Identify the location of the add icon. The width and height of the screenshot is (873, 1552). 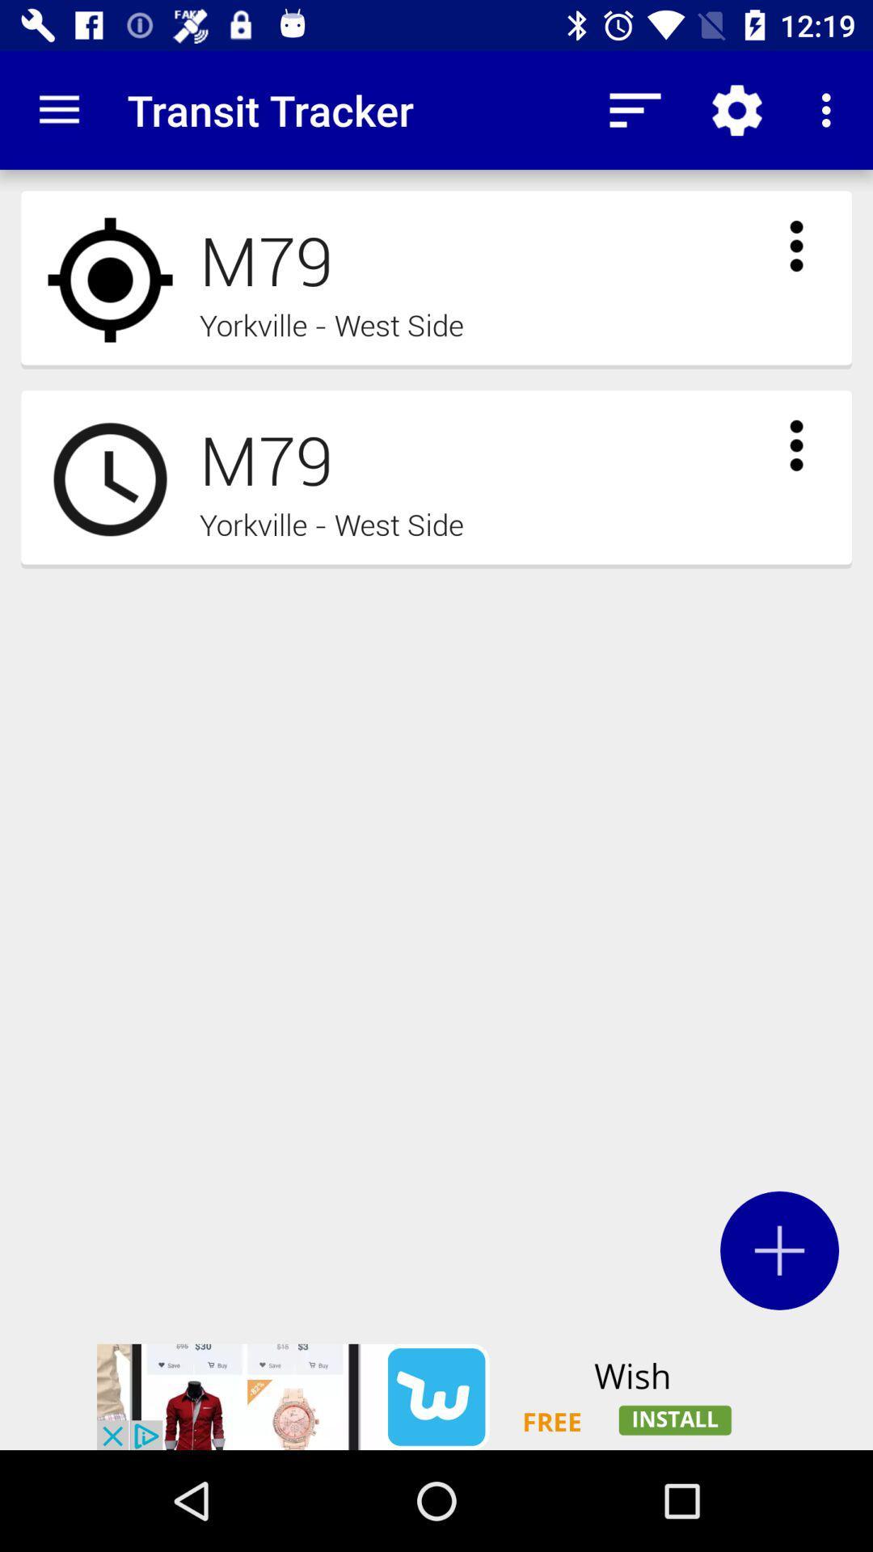
(778, 1250).